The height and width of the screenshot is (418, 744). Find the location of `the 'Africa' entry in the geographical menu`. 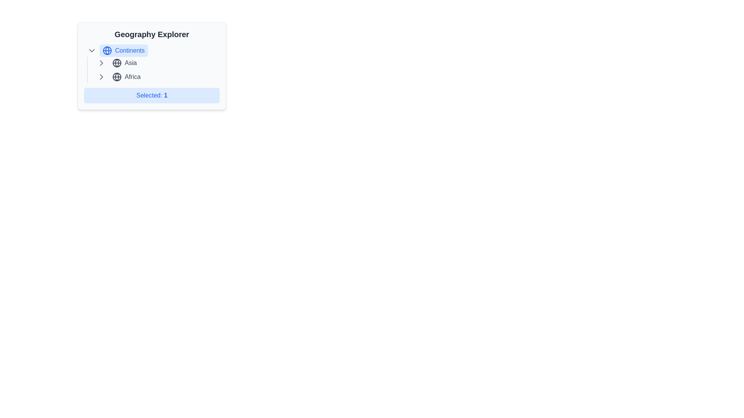

the 'Africa' entry in the geographical menu is located at coordinates (126, 77).